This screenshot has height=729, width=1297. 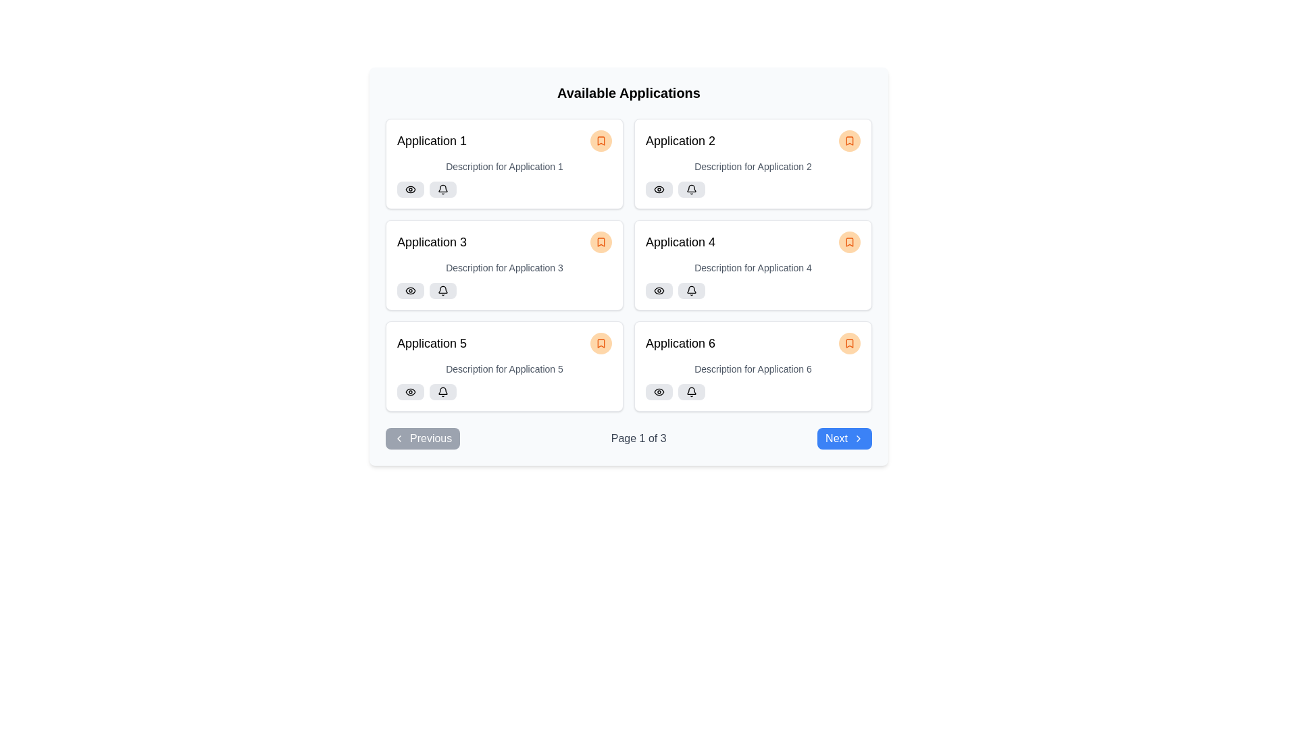 What do you see at coordinates (398, 439) in the screenshot?
I see `the 'Previous' button, which visually indicates a backward navigation action and is located towards the lower-left of the interface` at bounding box center [398, 439].